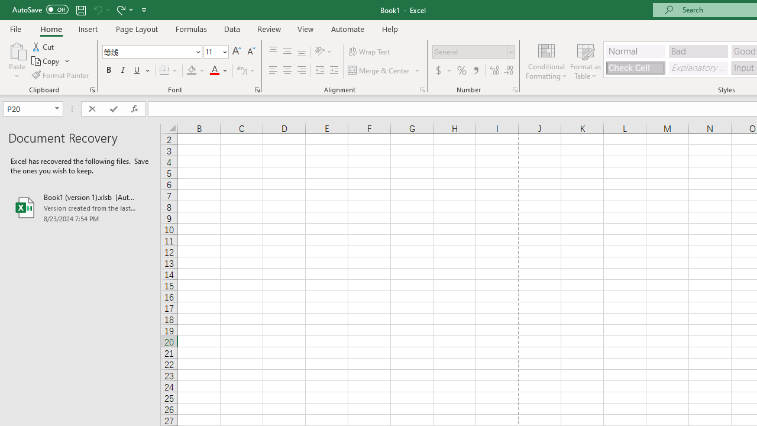  I want to click on 'Merge & Center', so click(379, 70).